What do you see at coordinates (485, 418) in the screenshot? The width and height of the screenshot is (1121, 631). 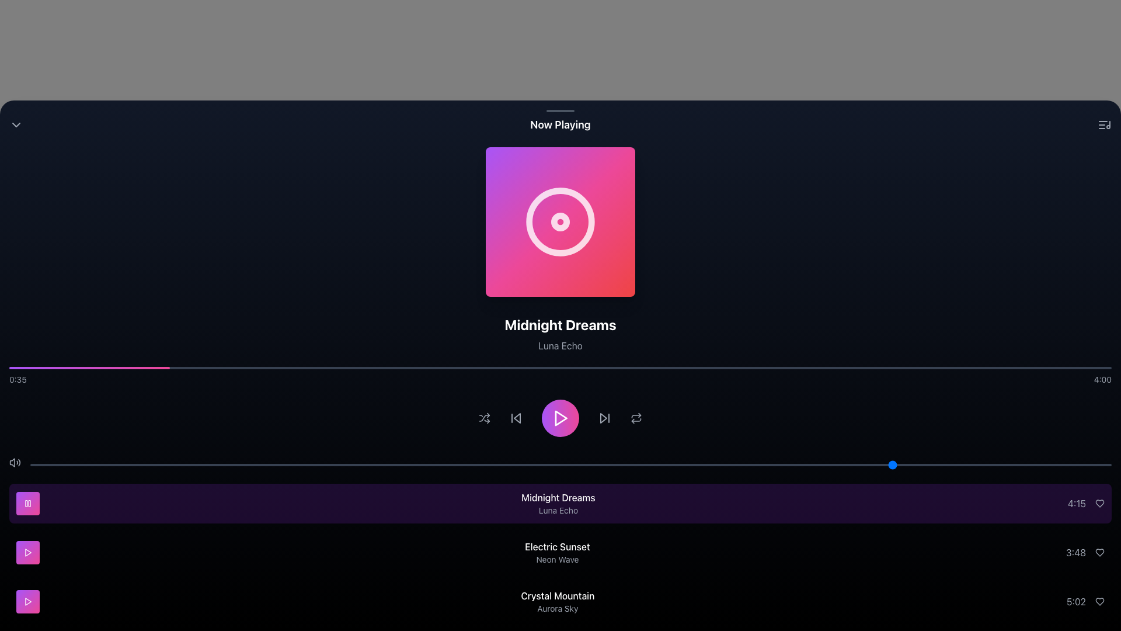 I see `the shuffle icon button, which is the first icon in the row of controls below the album artwork and track title` at bounding box center [485, 418].